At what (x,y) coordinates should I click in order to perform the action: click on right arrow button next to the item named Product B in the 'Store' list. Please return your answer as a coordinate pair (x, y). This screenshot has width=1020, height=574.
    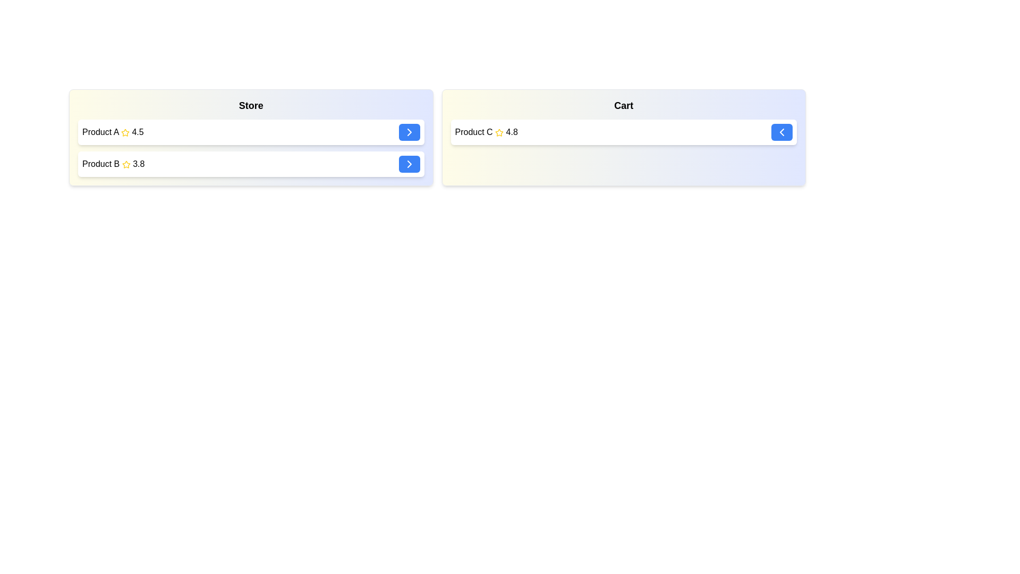
    Looking at the image, I should click on (409, 164).